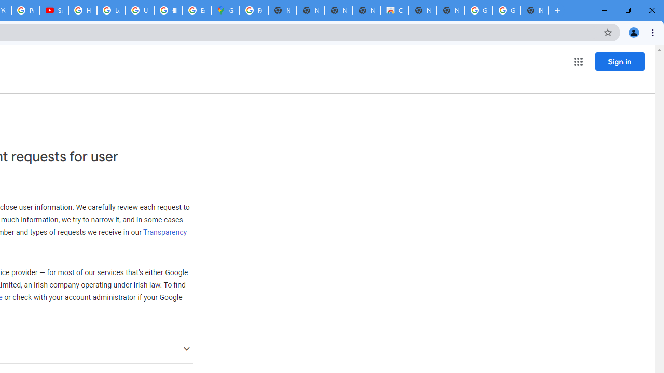 This screenshot has height=373, width=664. Describe the element at coordinates (506, 10) in the screenshot. I see `'Google Images'` at that location.